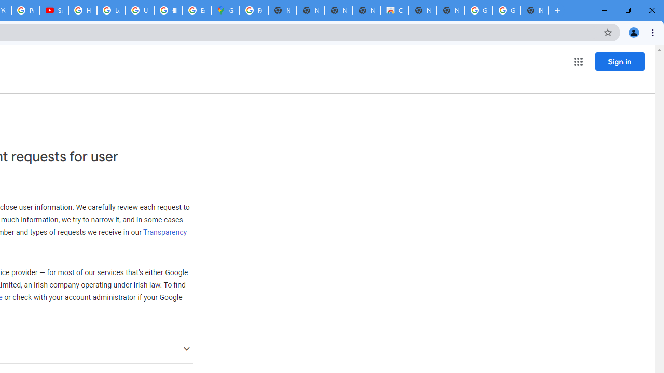 This screenshot has height=373, width=664. Describe the element at coordinates (506, 10) in the screenshot. I see `'Google Images'` at that location.